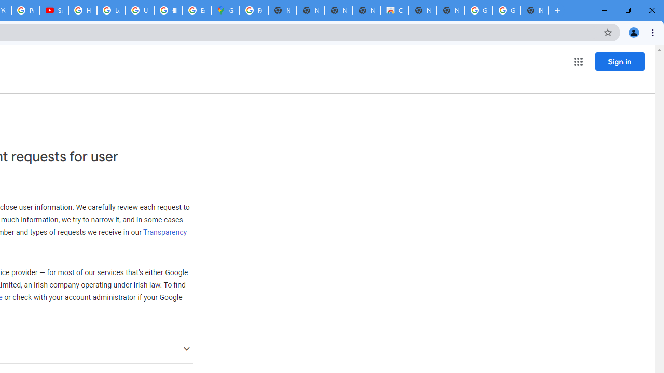 This screenshot has height=373, width=664. Describe the element at coordinates (506, 10) in the screenshot. I see `'Google Images'` at that location.